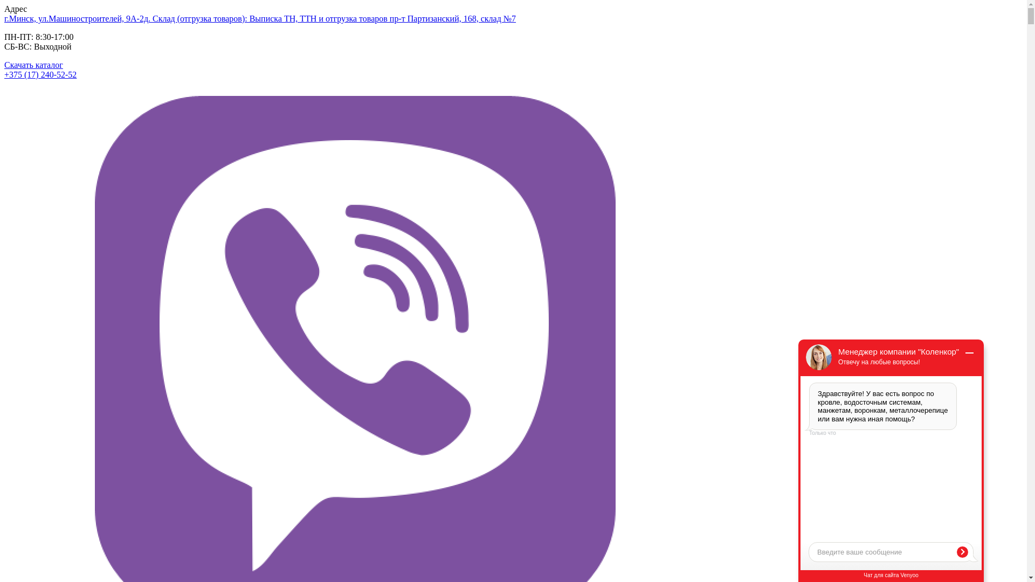 The height and width of the screenshot is (582, 1035). Describe the element at coordinates (40, 74) in the screenshot. I see `'+375 (17) 240-52-52'` at that location.